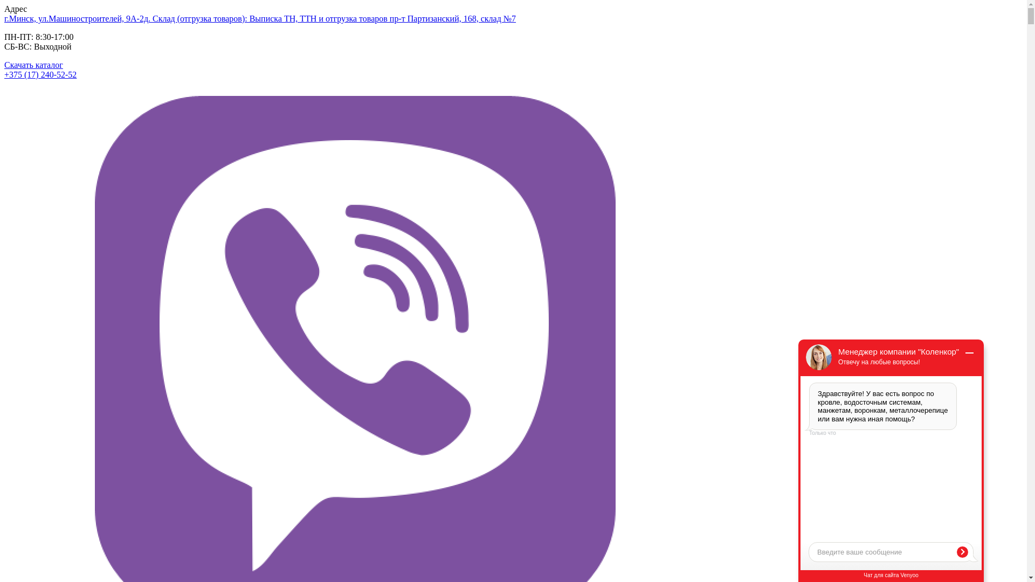 The height and width of the screenshot is (582, 1035). Describe the element at coordinates (40, 74) in the screenshot. I see `'+375 (17) 240-52-52'` at that location.